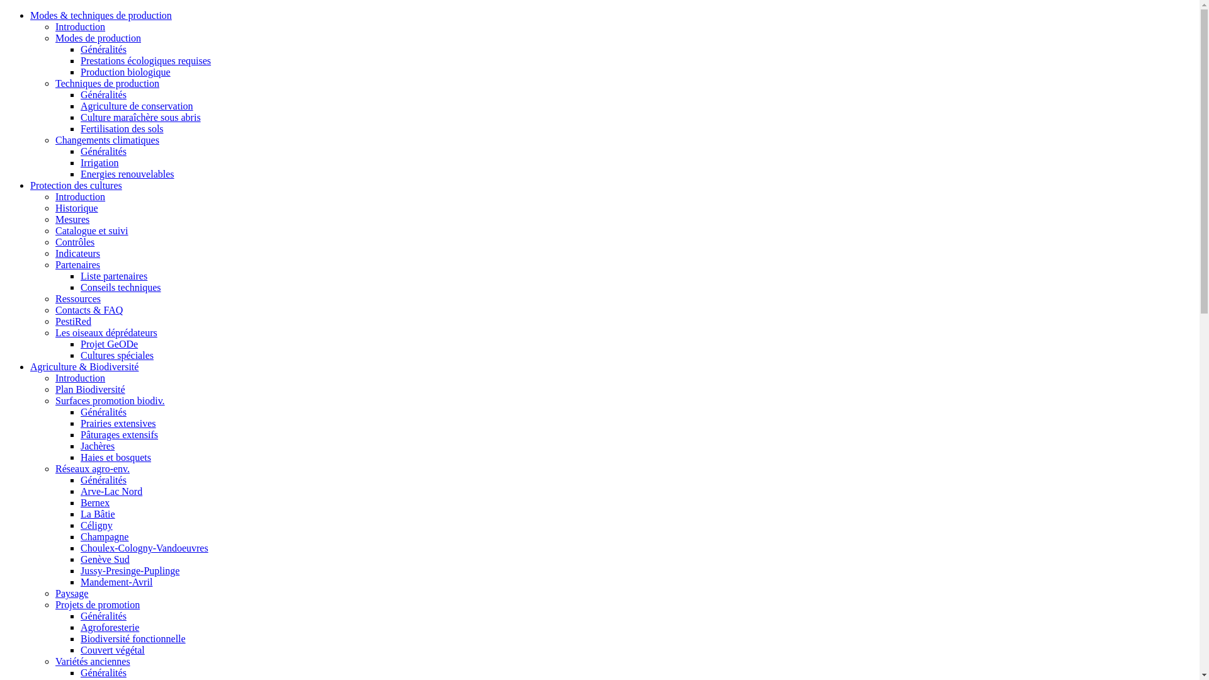 This screenshot has width=1209, height=680. Describe the element at coordinates (107, 140) in the screenshot. I see `'Changements climatiques'` at that location.